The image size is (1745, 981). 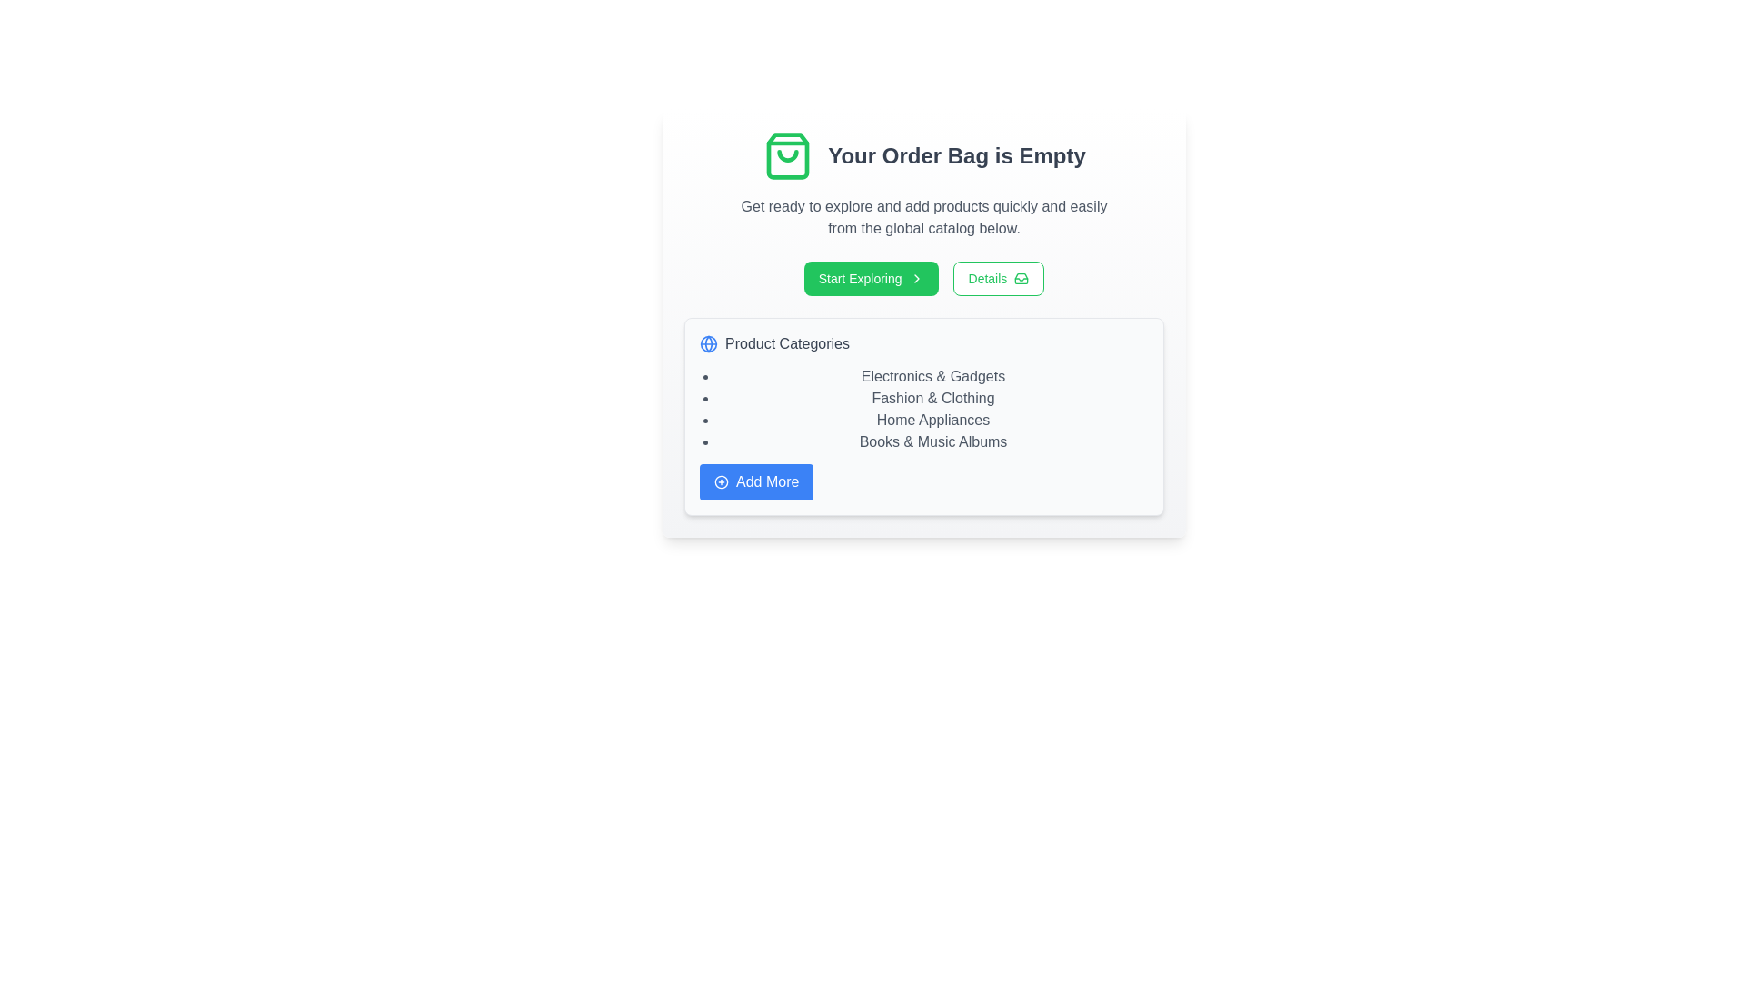 What do you see at coordinates (788, 155) in the screenshot?
I see `the green shopping bag icon located to the left of the text 'Your Order Bag is Empty'` at bounding box center [788, 155].